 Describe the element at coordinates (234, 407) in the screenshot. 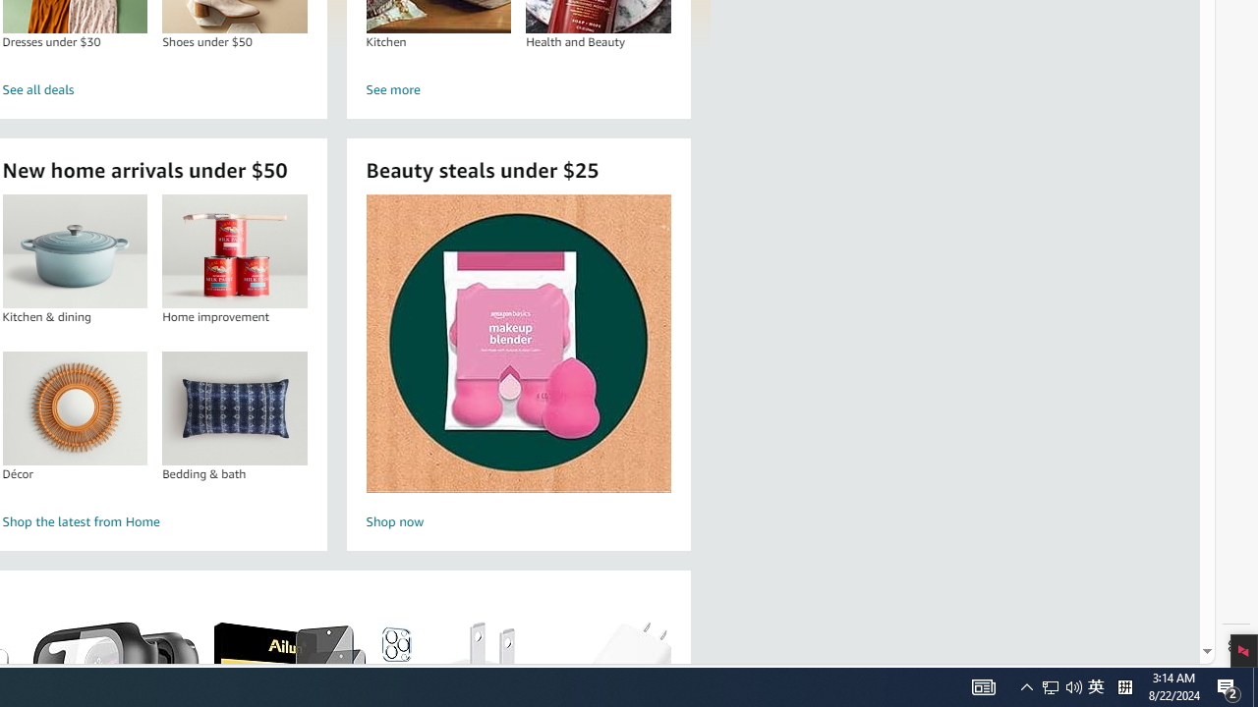

I see `'Bedding & bath'` at that location.